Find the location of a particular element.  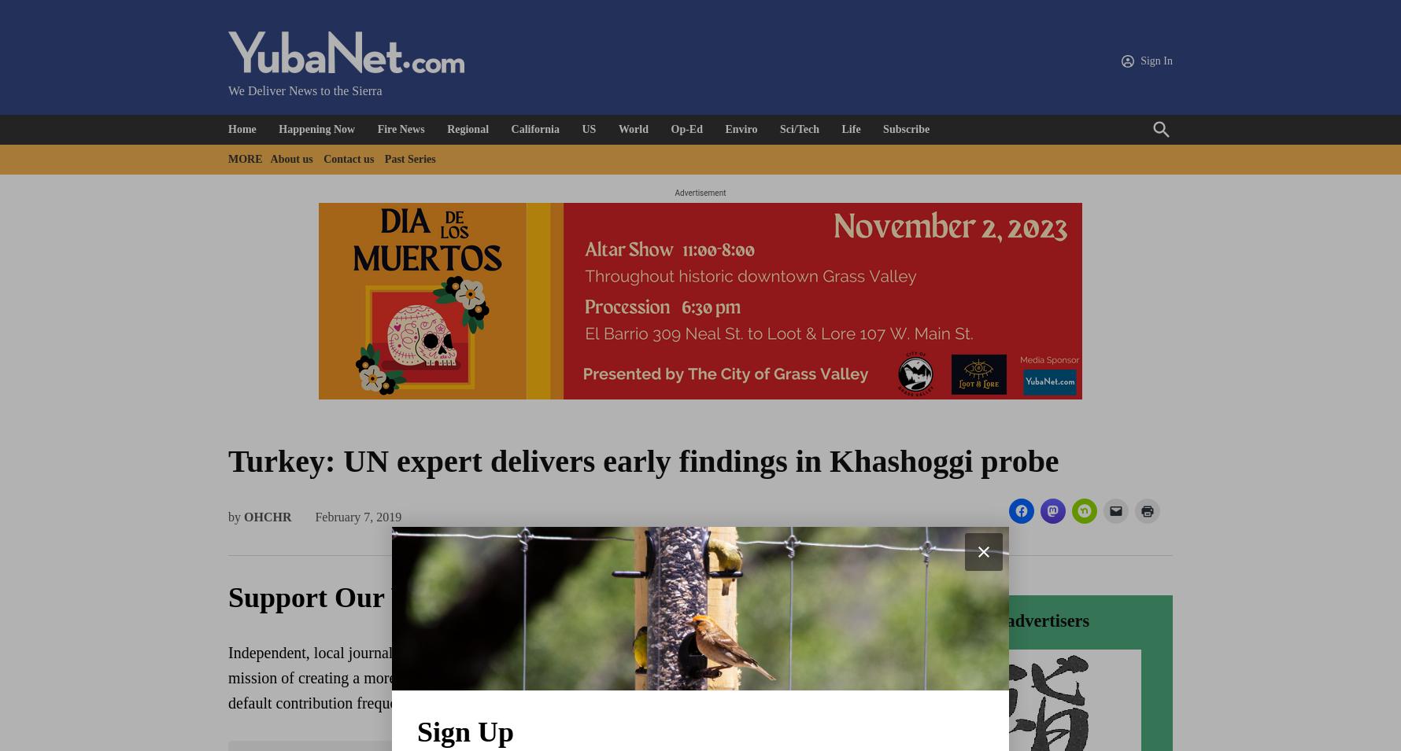

'February 7, 2019' is located at coordinates (357, 516).